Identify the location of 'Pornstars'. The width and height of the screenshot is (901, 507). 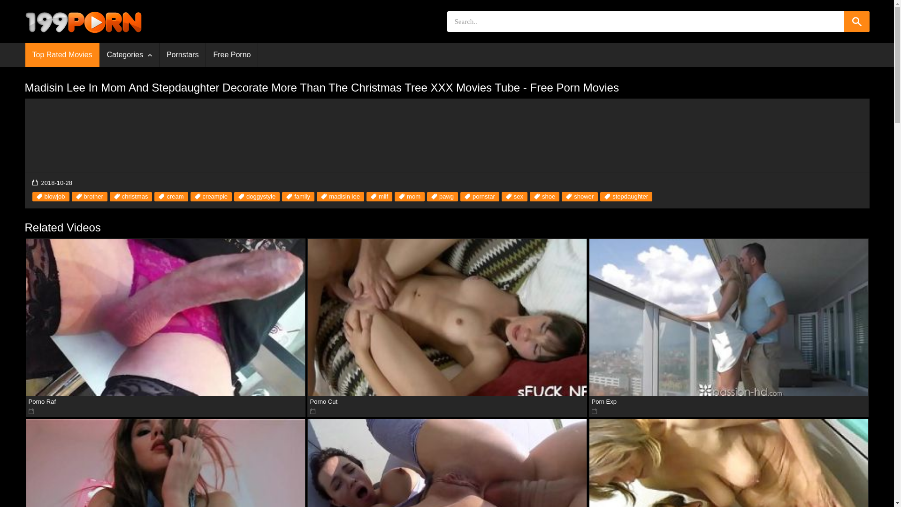
(182, 55).